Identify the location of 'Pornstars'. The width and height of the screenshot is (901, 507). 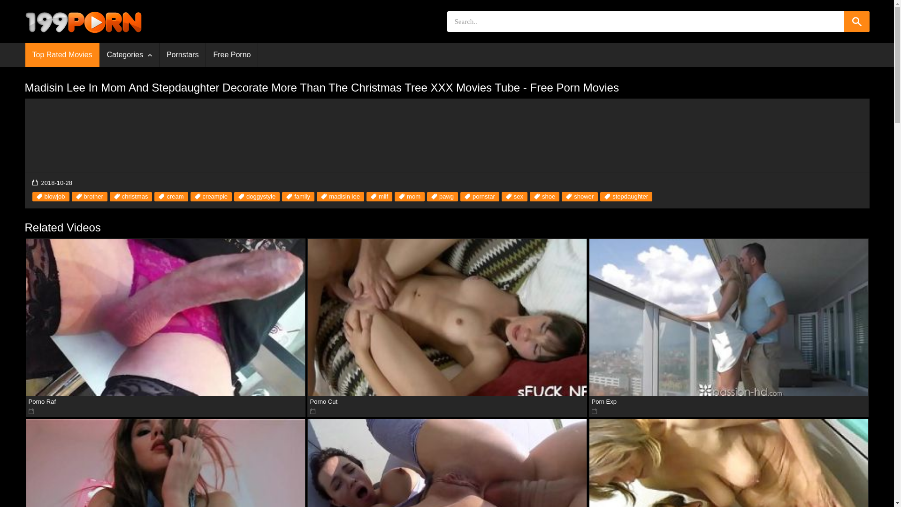
(182, 55).